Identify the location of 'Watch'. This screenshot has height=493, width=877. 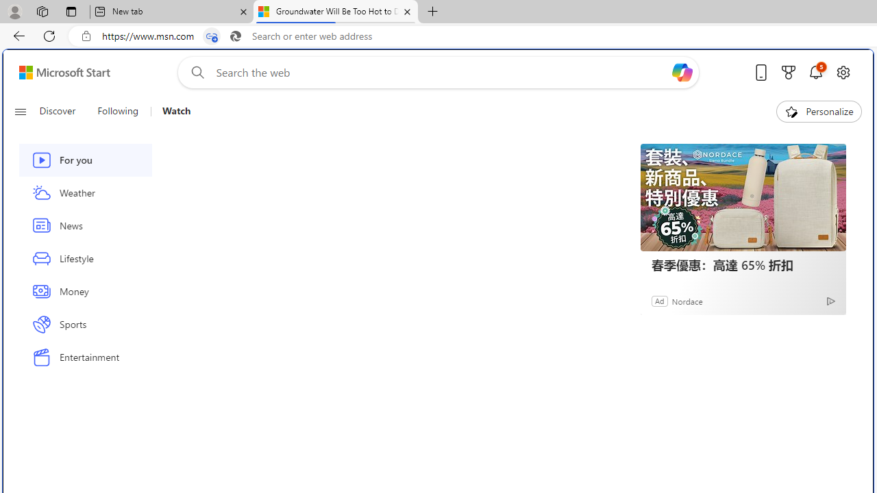
(170, 111).